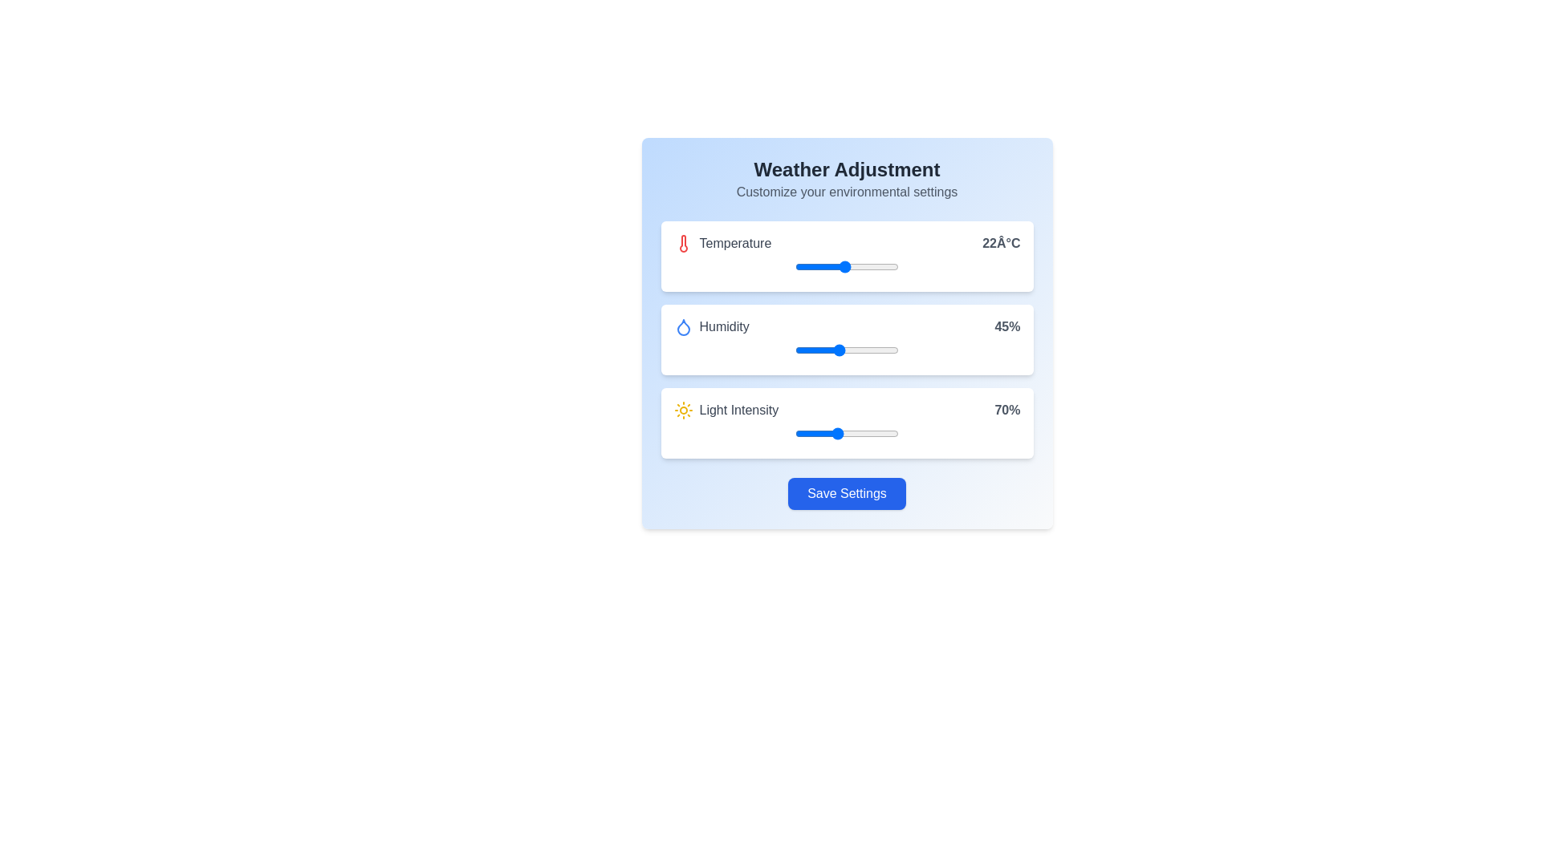  Describe the element at coordinates (795, 265) in the screenshot. I see `the temperature` at that location.